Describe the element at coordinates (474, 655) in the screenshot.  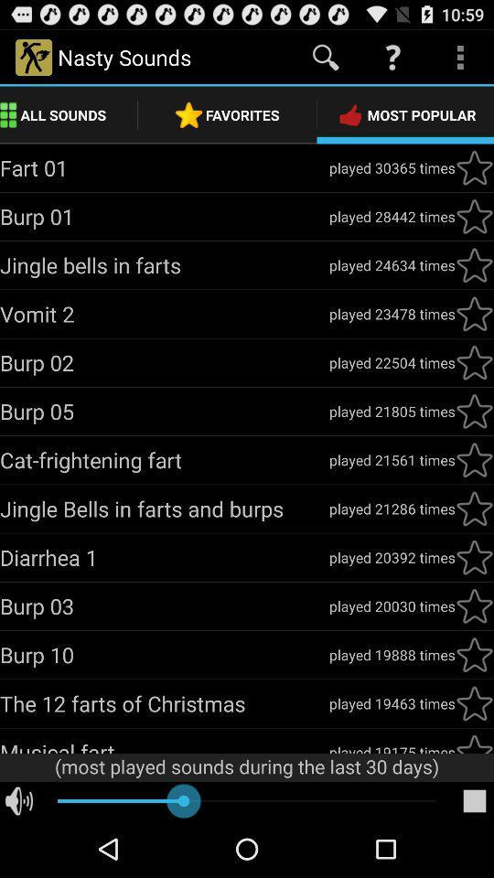
I see `to favorites` at that location.